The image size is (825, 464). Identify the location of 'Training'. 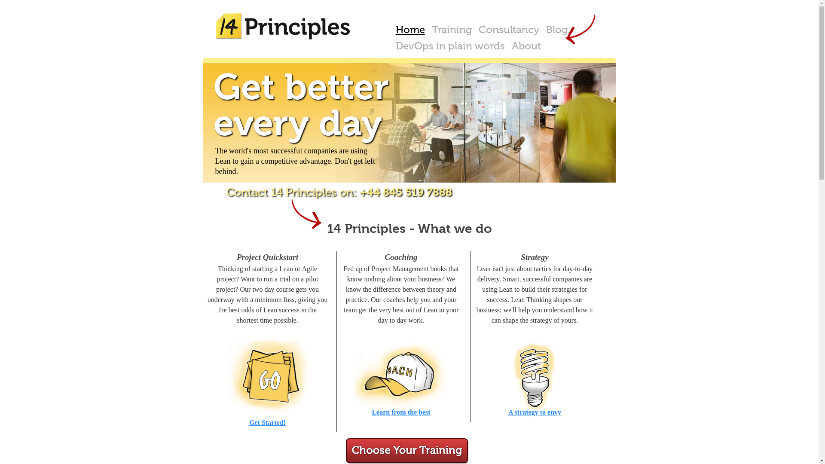
(451, 29).